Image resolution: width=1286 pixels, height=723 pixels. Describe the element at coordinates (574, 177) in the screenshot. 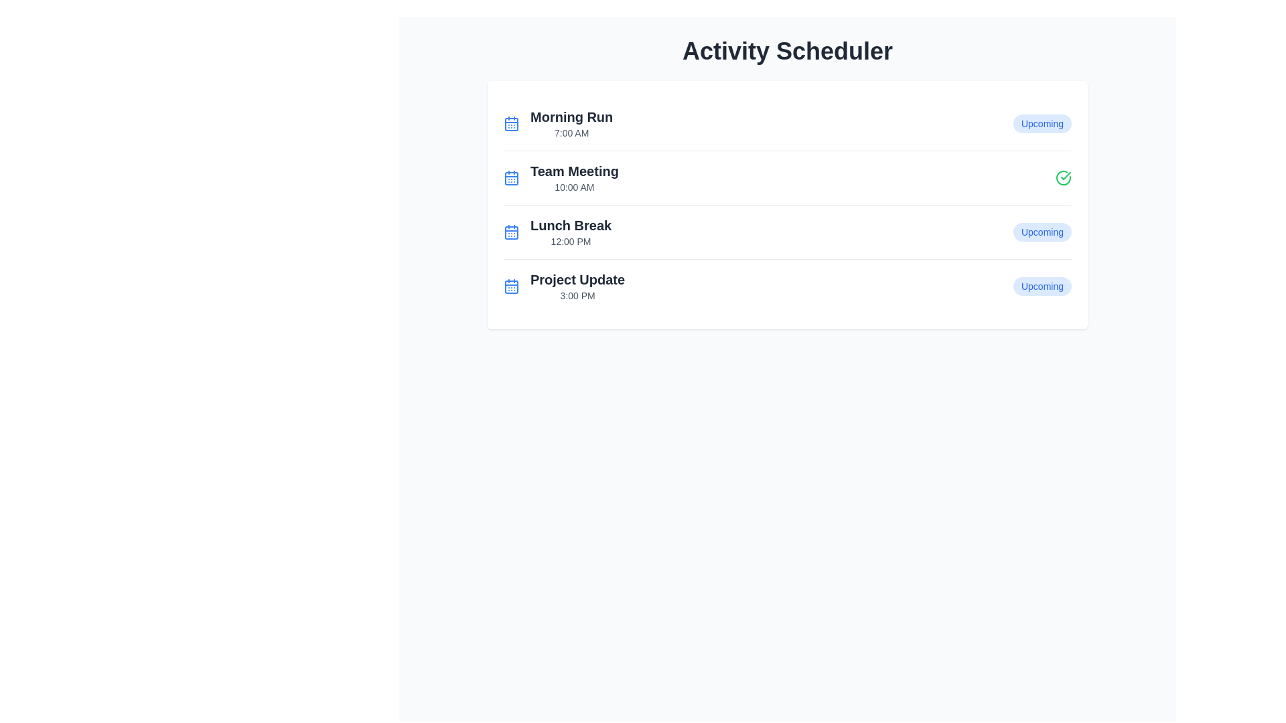

I see `text displayed on the 'Team Meeting' informational display, which shows the title in bold 'Team Meeting' and the time '10:00 AM' below it` at that location.